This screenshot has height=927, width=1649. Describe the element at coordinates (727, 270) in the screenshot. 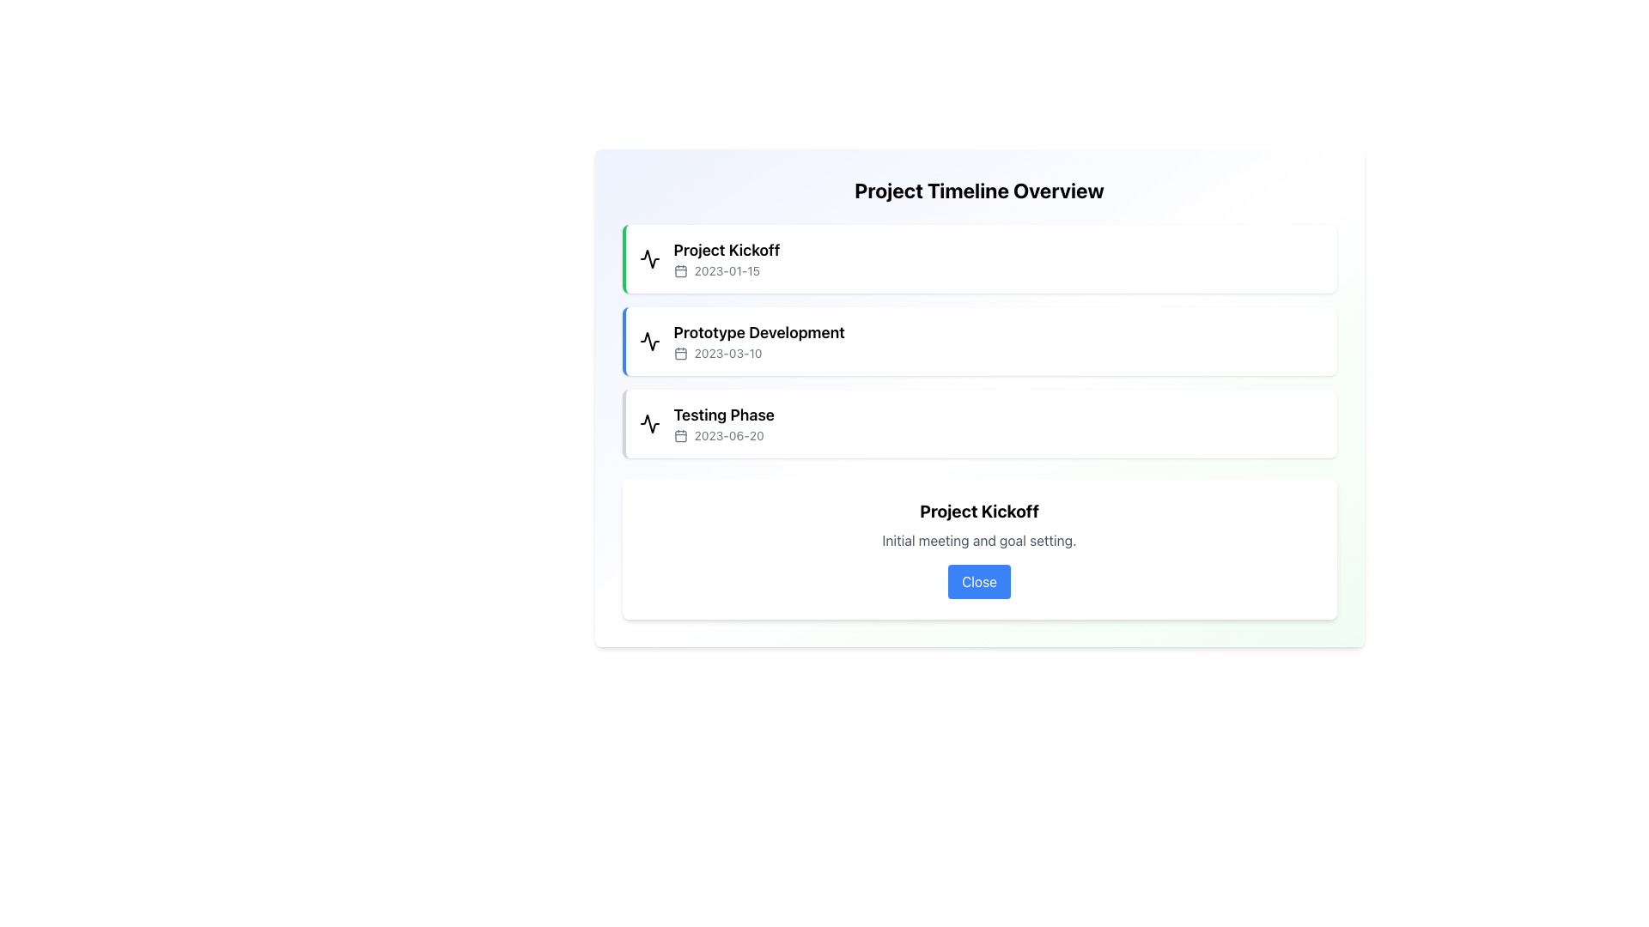

I see `the associated icon located directly under the 'Project Kickoff' text, which indicates the date for the milestone` at that location.